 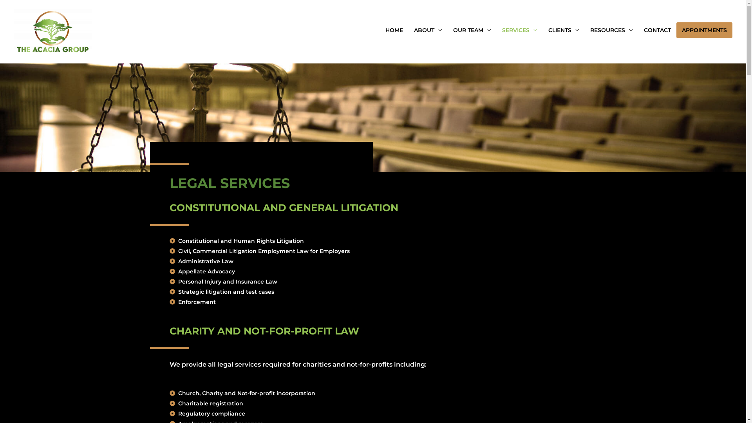 What do you see at coordinates (472, 30) in the screenshot?
I see `'OUR TEAM'` at bounding box center [472, 30].